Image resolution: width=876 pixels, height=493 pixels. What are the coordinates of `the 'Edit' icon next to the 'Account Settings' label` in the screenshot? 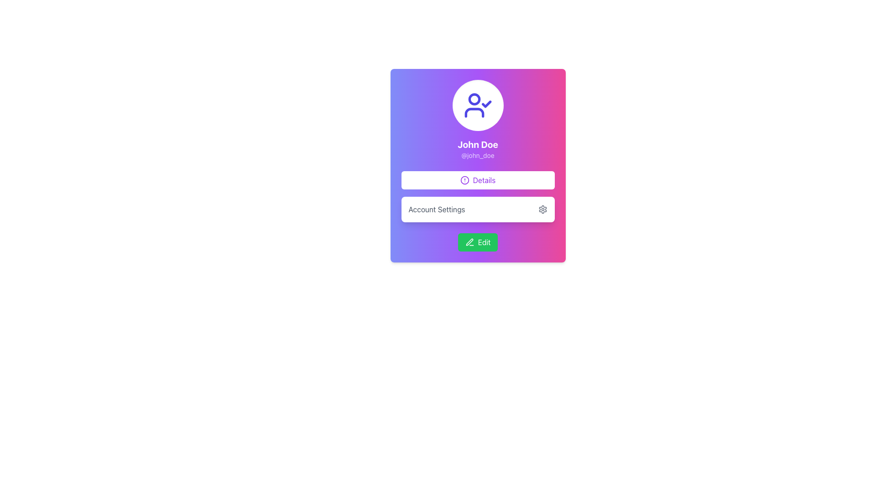 It's located at (469, 241).